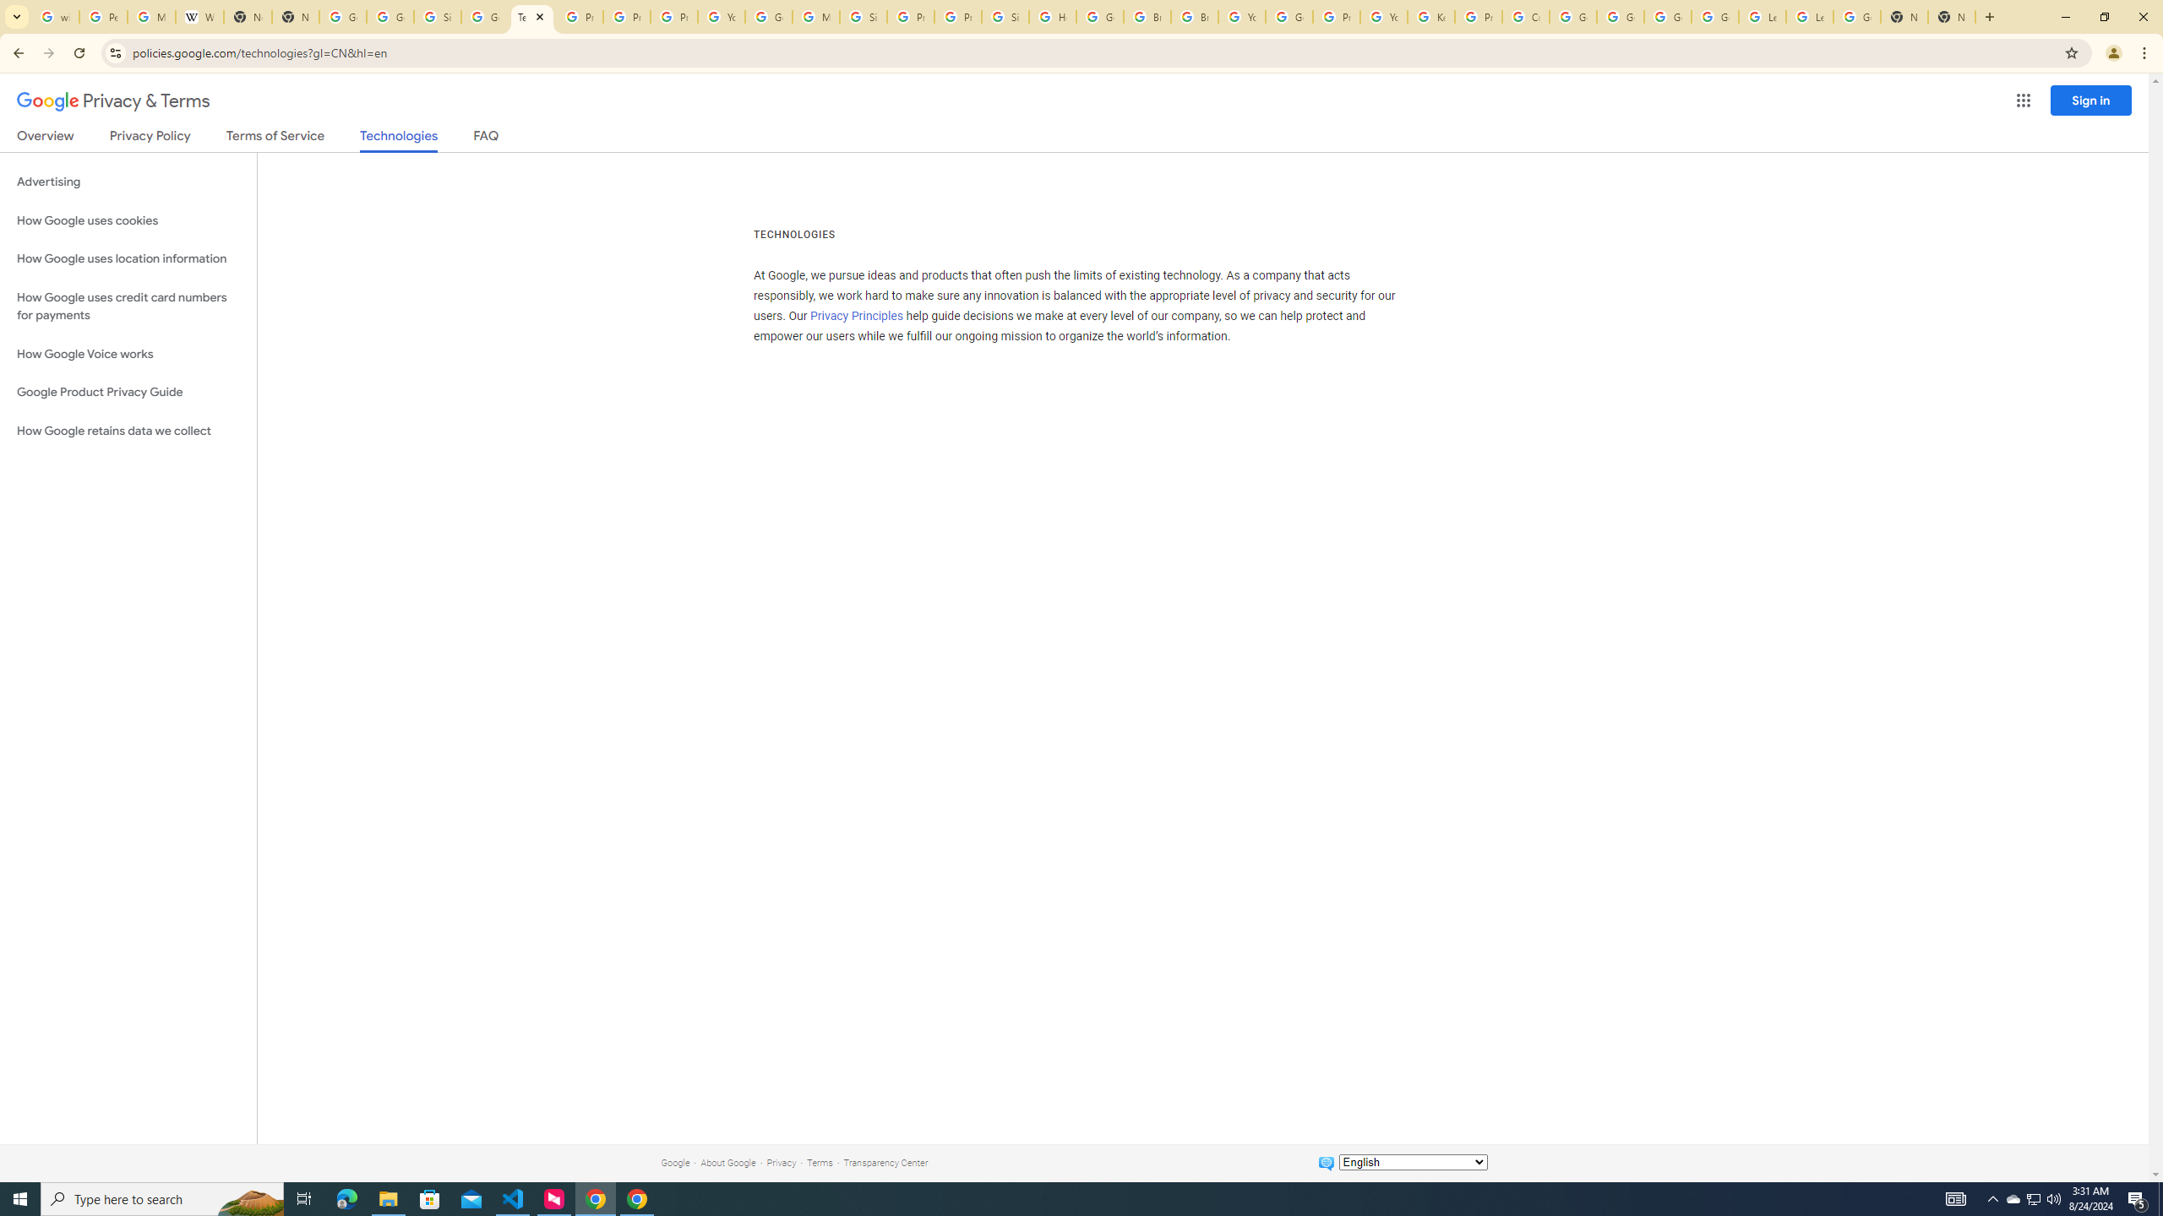 This screenshot has height=1216, width=2163. What do you see at coordinates (1904, 16) in the screenshot?
I see `'New Tab'` at bounding box center [1904, 16].